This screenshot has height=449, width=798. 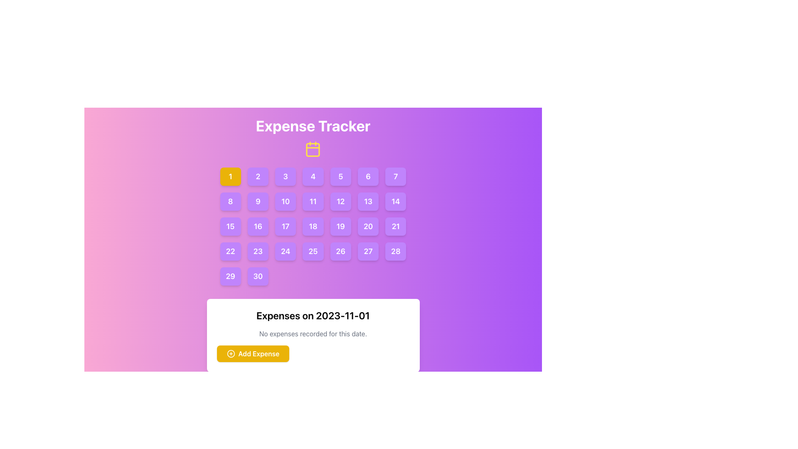 I want to click on the purple button displaying the number '8', so click(x=230, y=202).